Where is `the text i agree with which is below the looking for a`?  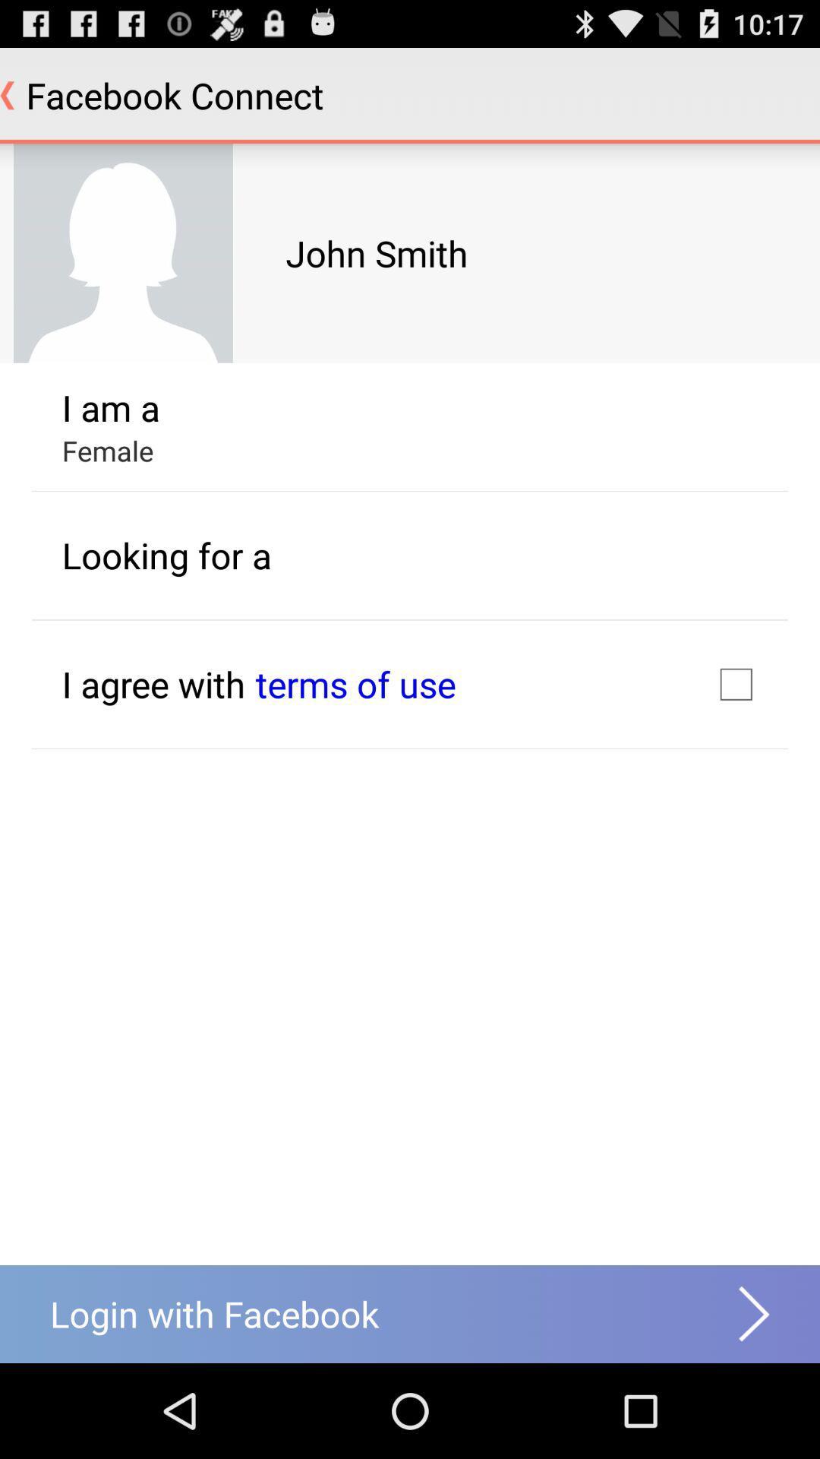 the text i agree with which is below the looking for a is located at coordinates (153, 683).